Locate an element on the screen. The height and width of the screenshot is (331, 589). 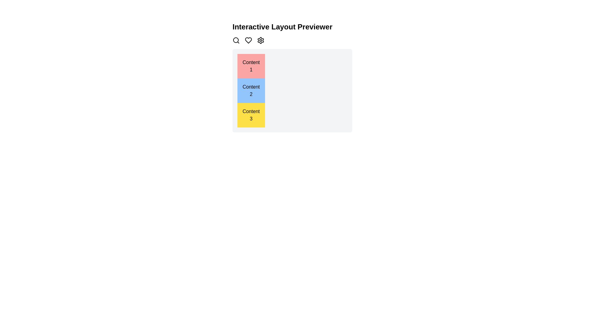
the search icon button, which is the first icon in a row of icons located at the top-left of the interface is located at coordinates (236, 40).